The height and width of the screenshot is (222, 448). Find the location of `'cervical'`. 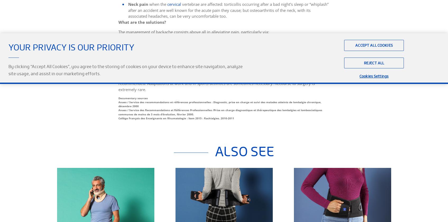

'cervical' is located at coordinates (167, 4).